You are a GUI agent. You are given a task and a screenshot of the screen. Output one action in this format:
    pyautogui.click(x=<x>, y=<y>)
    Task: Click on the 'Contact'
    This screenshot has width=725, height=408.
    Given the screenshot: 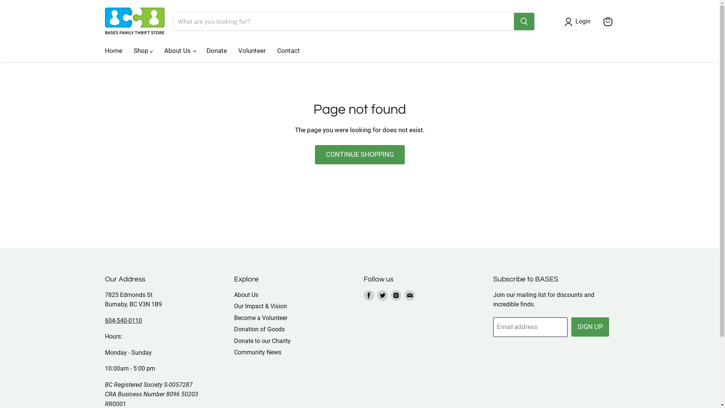 What is the action you would take?
    pyautogui.click(x=288, y=51)
    